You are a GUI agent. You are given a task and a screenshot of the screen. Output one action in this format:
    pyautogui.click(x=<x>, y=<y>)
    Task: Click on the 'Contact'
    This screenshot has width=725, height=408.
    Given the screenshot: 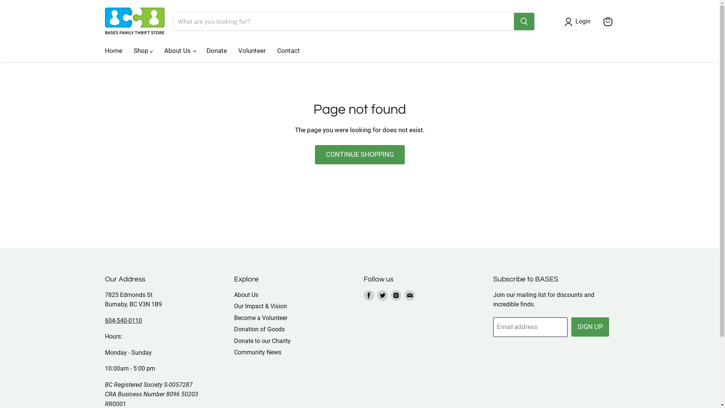 What is the action you would take?
    pyautogui.click(x=288, y=51)
    